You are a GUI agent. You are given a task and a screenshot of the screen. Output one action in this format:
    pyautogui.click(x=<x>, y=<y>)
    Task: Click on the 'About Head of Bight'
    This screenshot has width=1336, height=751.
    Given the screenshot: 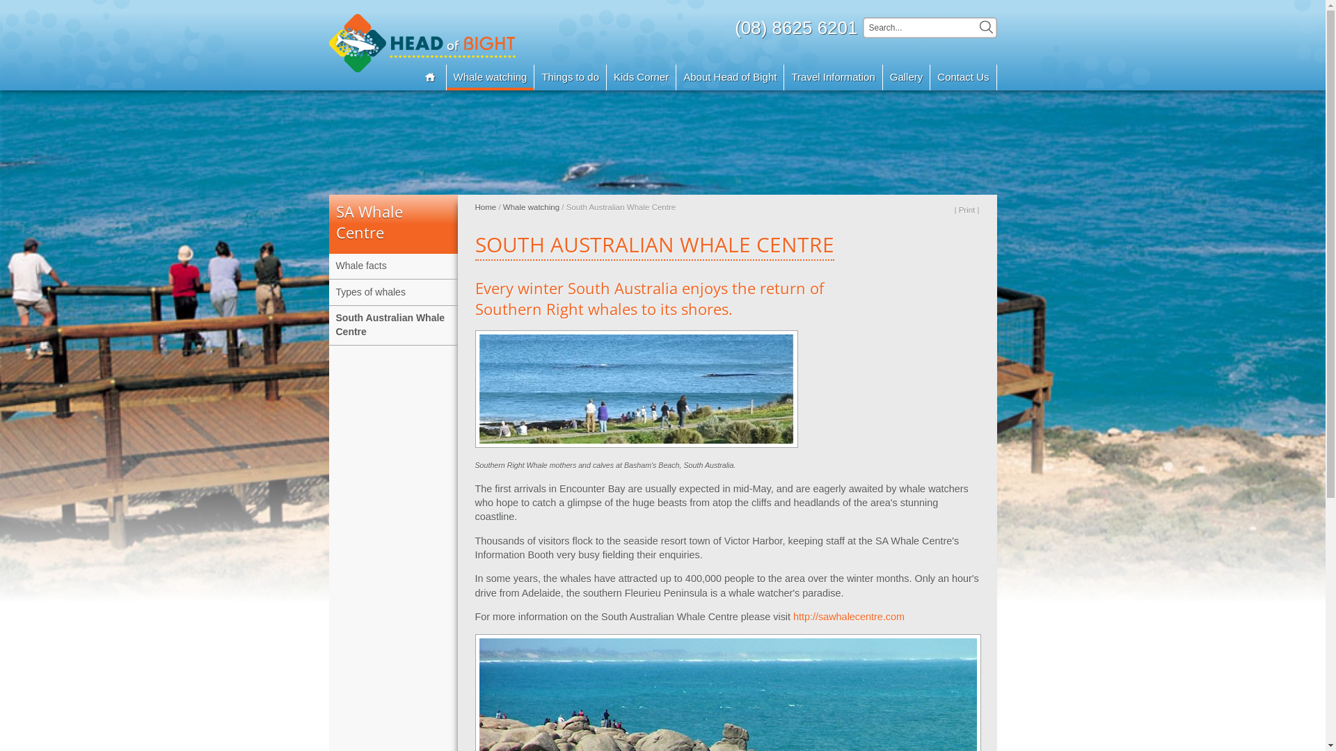 What is the action you would take?
    pyautogui.click(x=729, y=77)
    